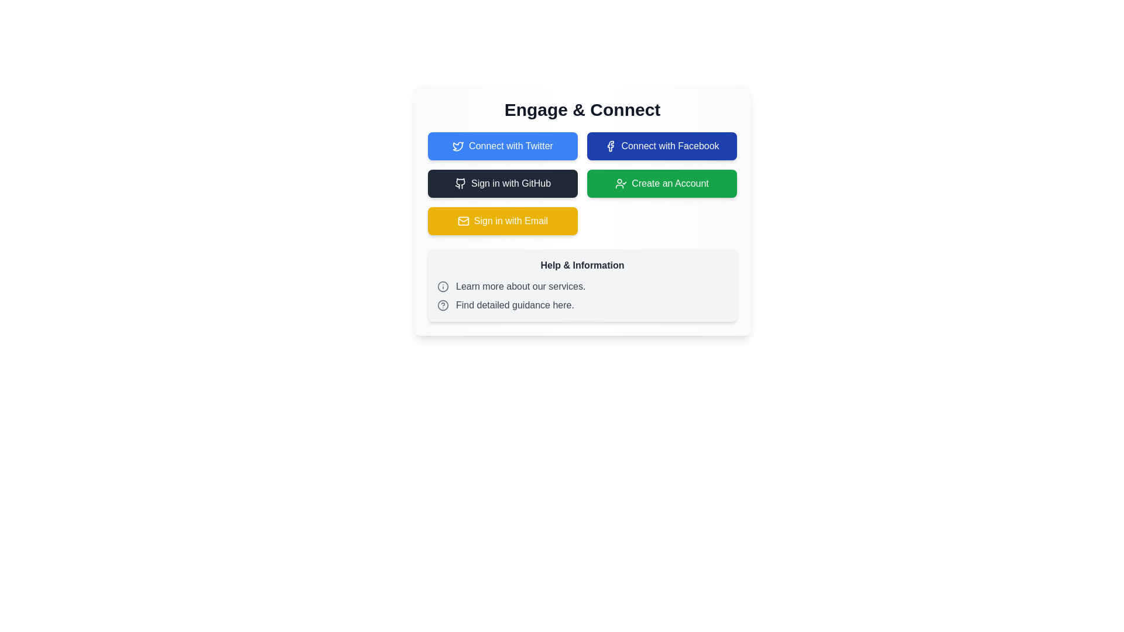 The image size is (1124, 632). Describe the element at coordinates (443, 286) in the screenshot. I see `decorative SVG circle element located within the 'Help & Information' section of the interface by clicking on its center point` at that location.